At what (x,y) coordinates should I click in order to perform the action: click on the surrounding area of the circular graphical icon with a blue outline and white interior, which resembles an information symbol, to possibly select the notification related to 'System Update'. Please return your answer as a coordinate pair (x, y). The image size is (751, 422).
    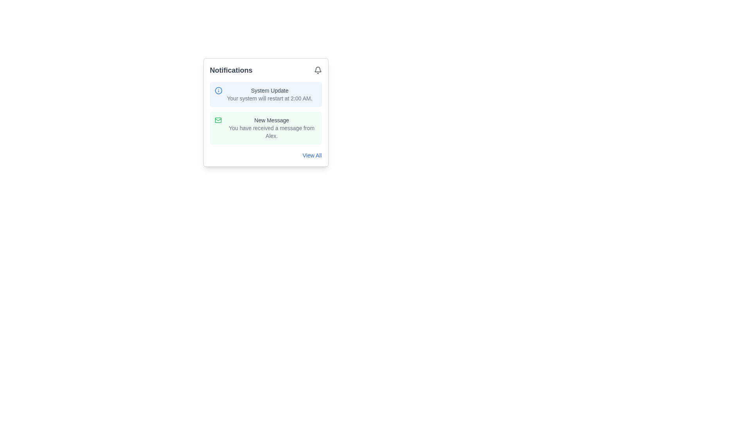
    Looking at the image, I should click on (218, 90).